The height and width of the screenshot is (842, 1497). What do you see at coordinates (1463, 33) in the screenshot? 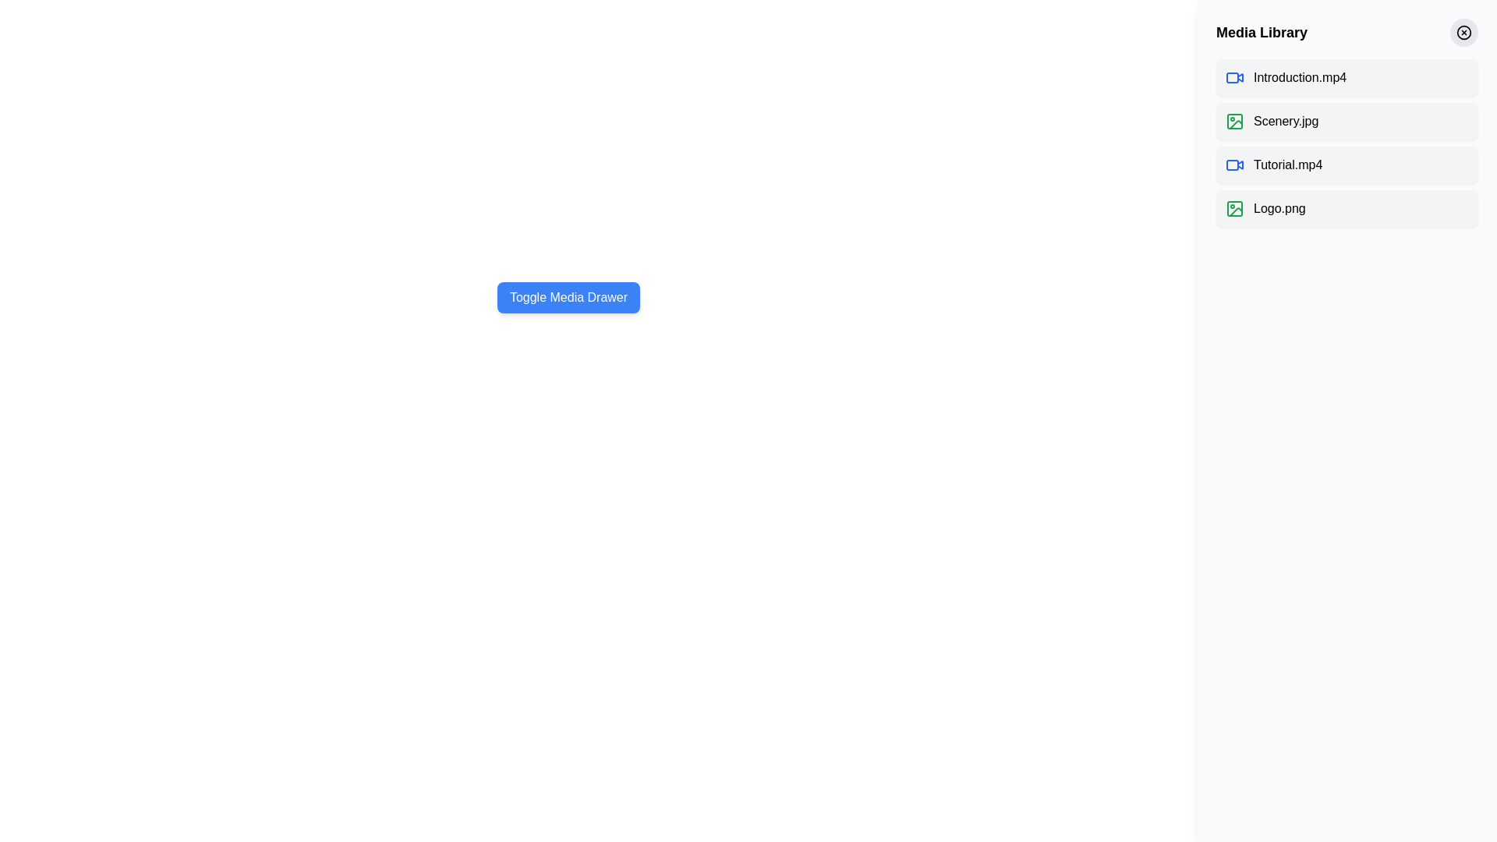
I see `the close or dismiss button located in the top-right corner of the 'Media Library' section, next to the heading text 'Media Library'` at bounding box center [1463, 33].